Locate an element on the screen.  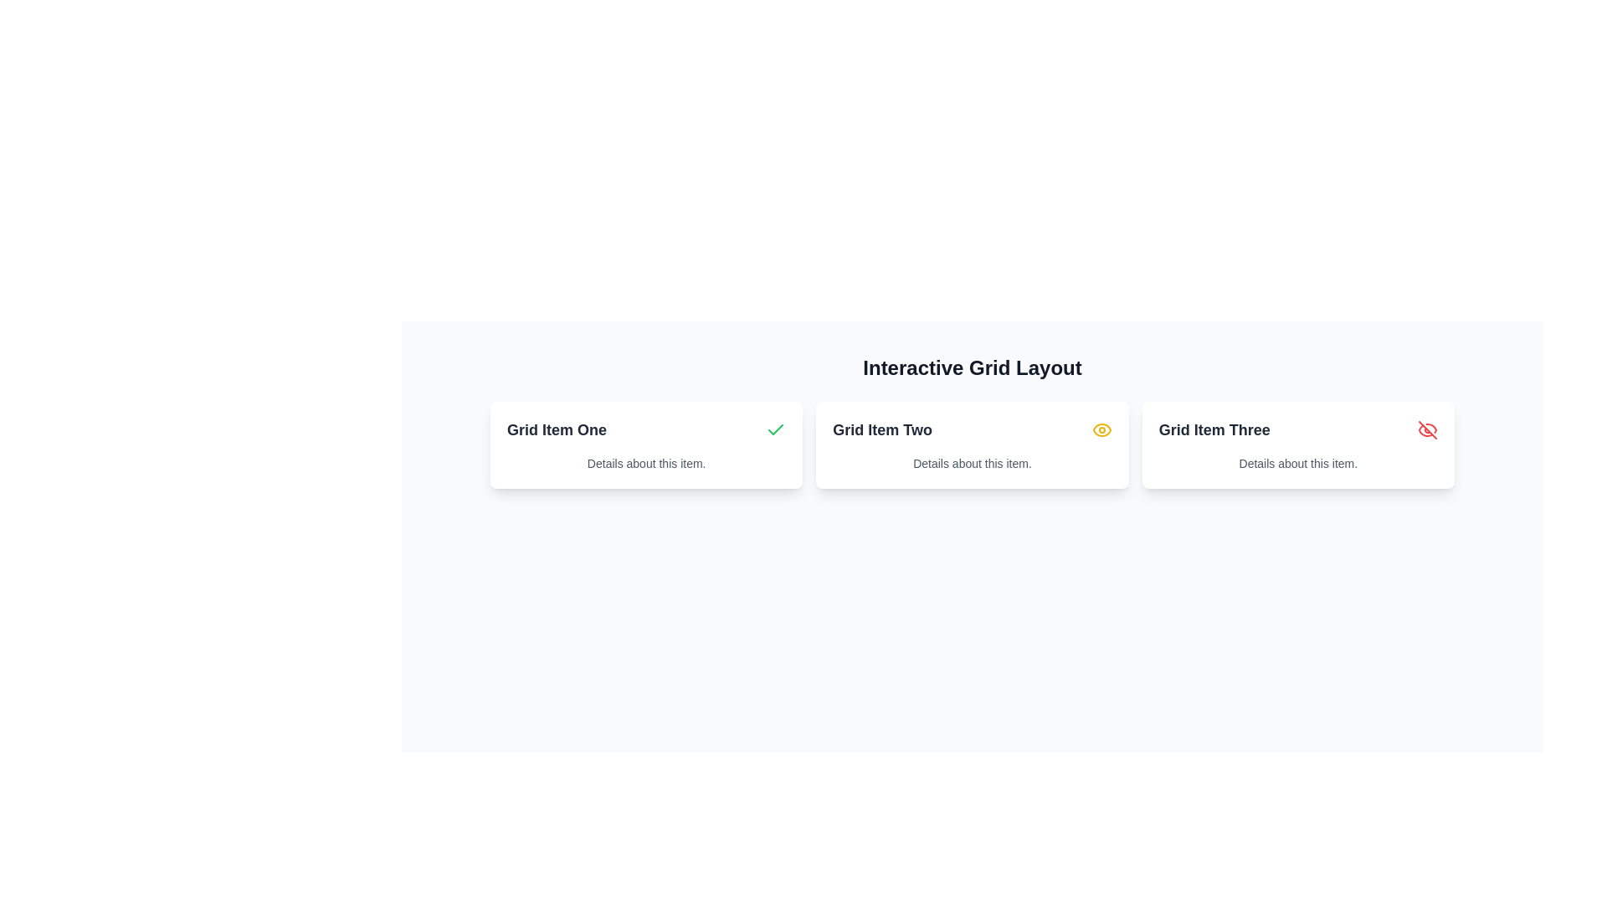
the text label displaying 'Grid Item Two' is located at coordinates (881, 429).